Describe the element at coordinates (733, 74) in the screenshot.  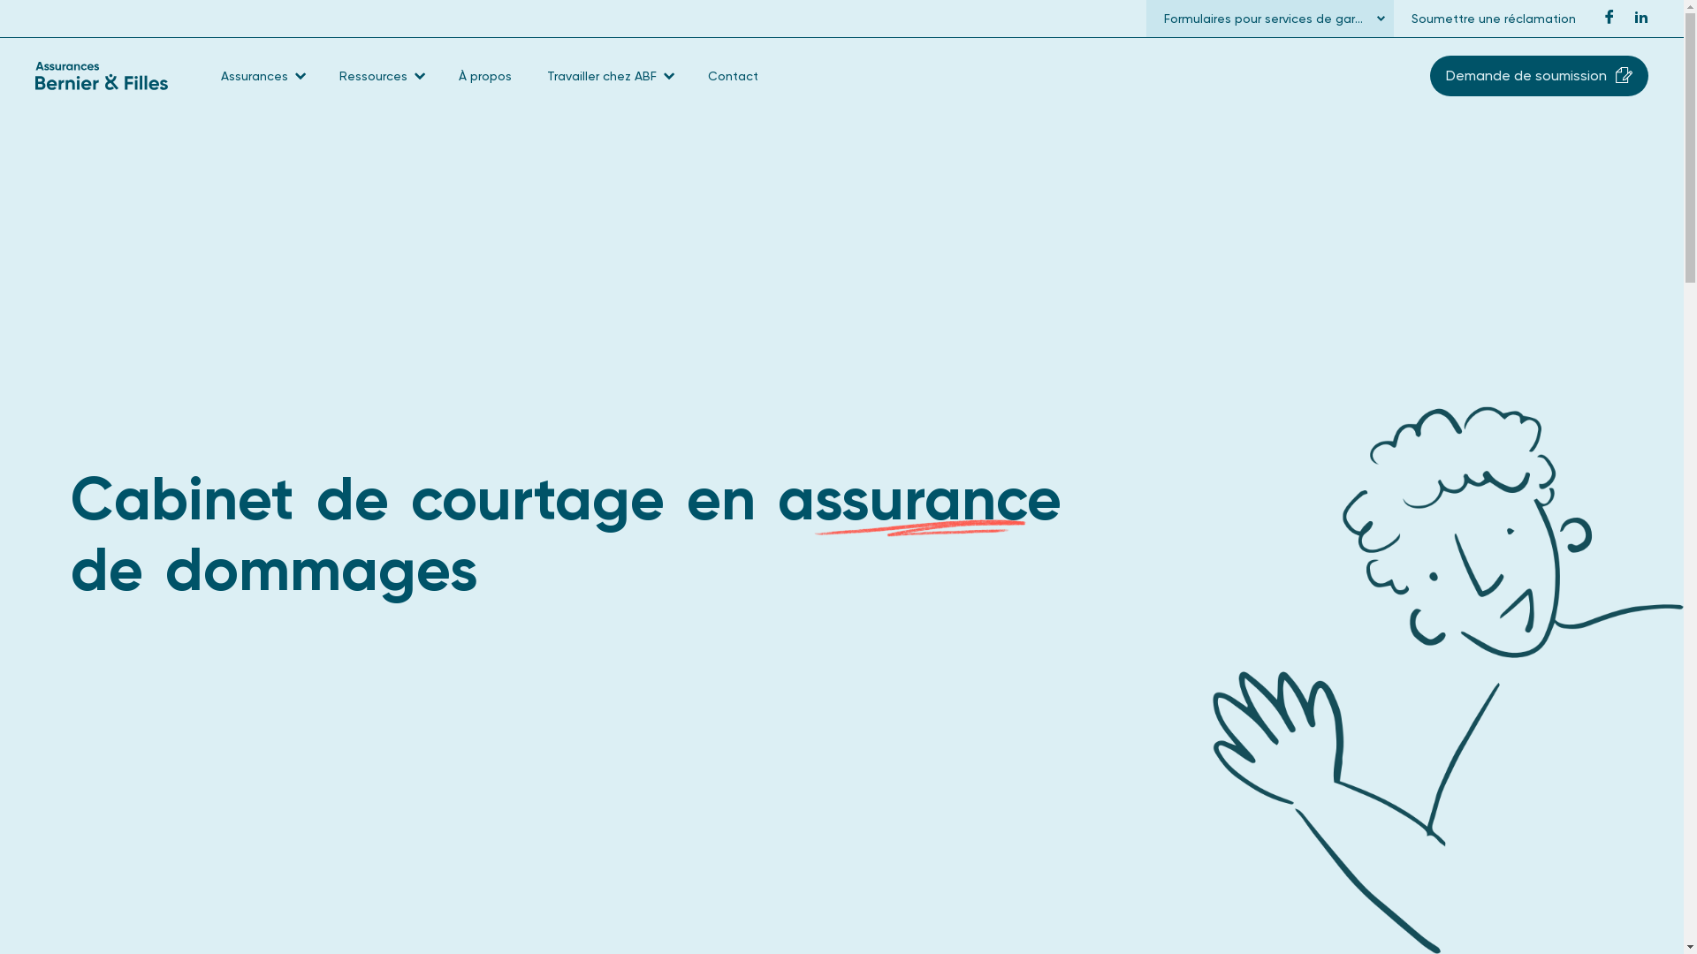
I see `'Contact'` at that location.